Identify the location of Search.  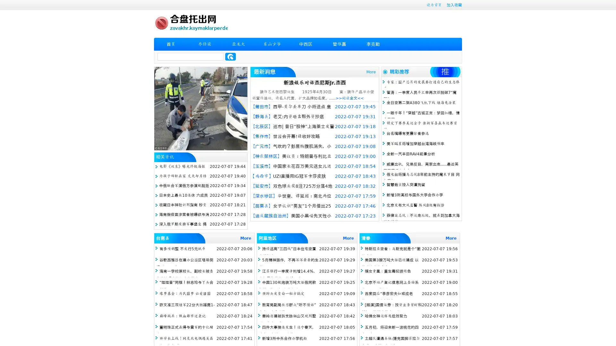
(230, 56).